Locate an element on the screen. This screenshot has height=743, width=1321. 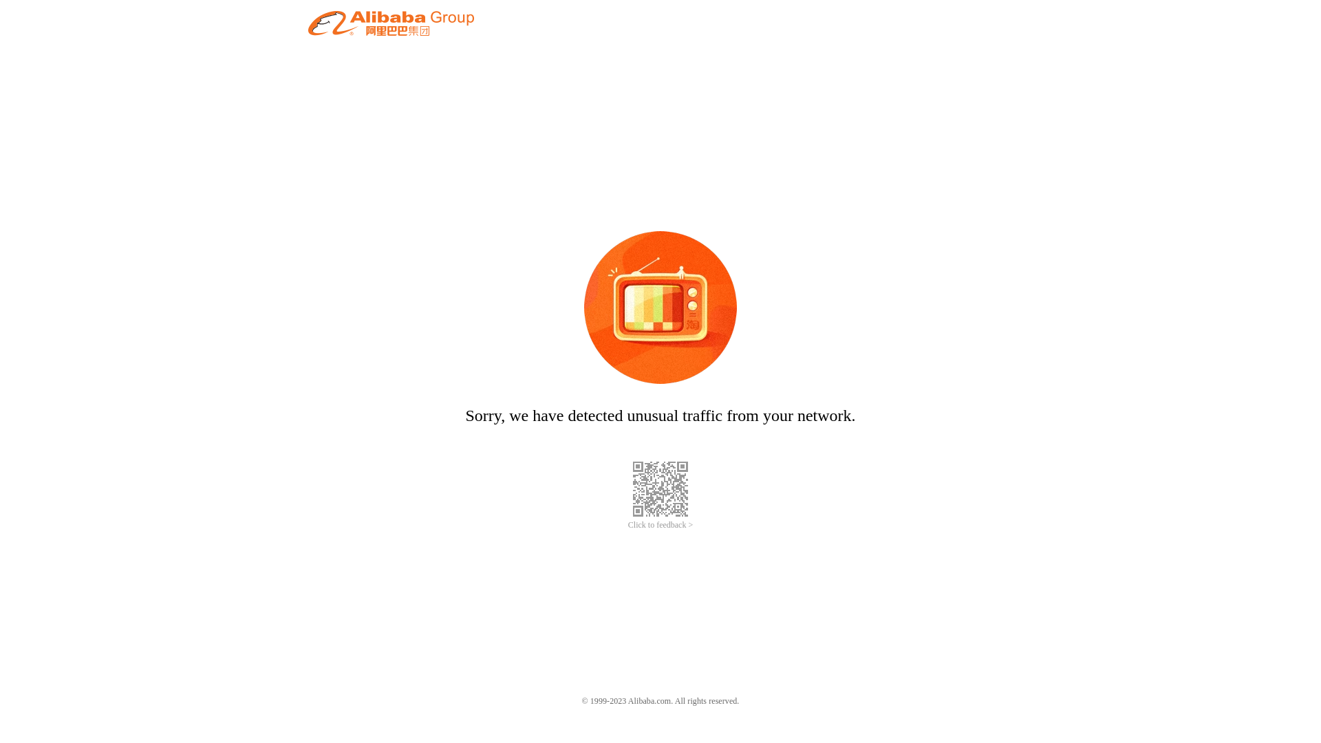
'Click to feedback >' is located at coordinates (660, 525).